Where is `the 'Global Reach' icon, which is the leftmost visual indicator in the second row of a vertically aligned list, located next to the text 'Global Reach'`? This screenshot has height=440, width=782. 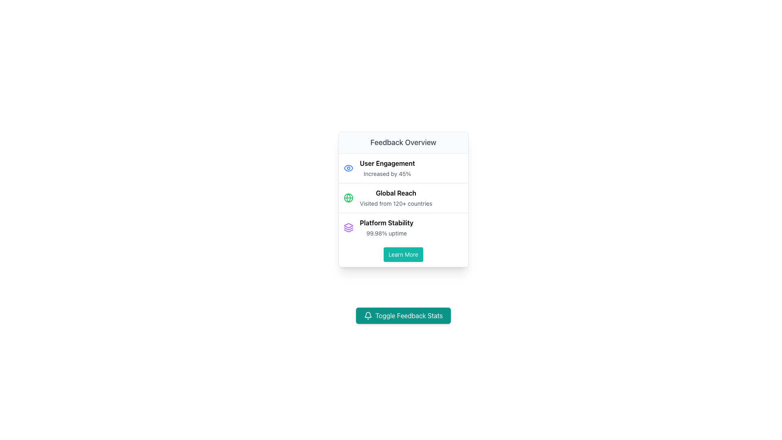
the 'Global Reach' icon, which is the leftmost visual indicator in the second row of a vertically aligned list, located next to the text 'Global Reach' is located at coordinates (348, 198).